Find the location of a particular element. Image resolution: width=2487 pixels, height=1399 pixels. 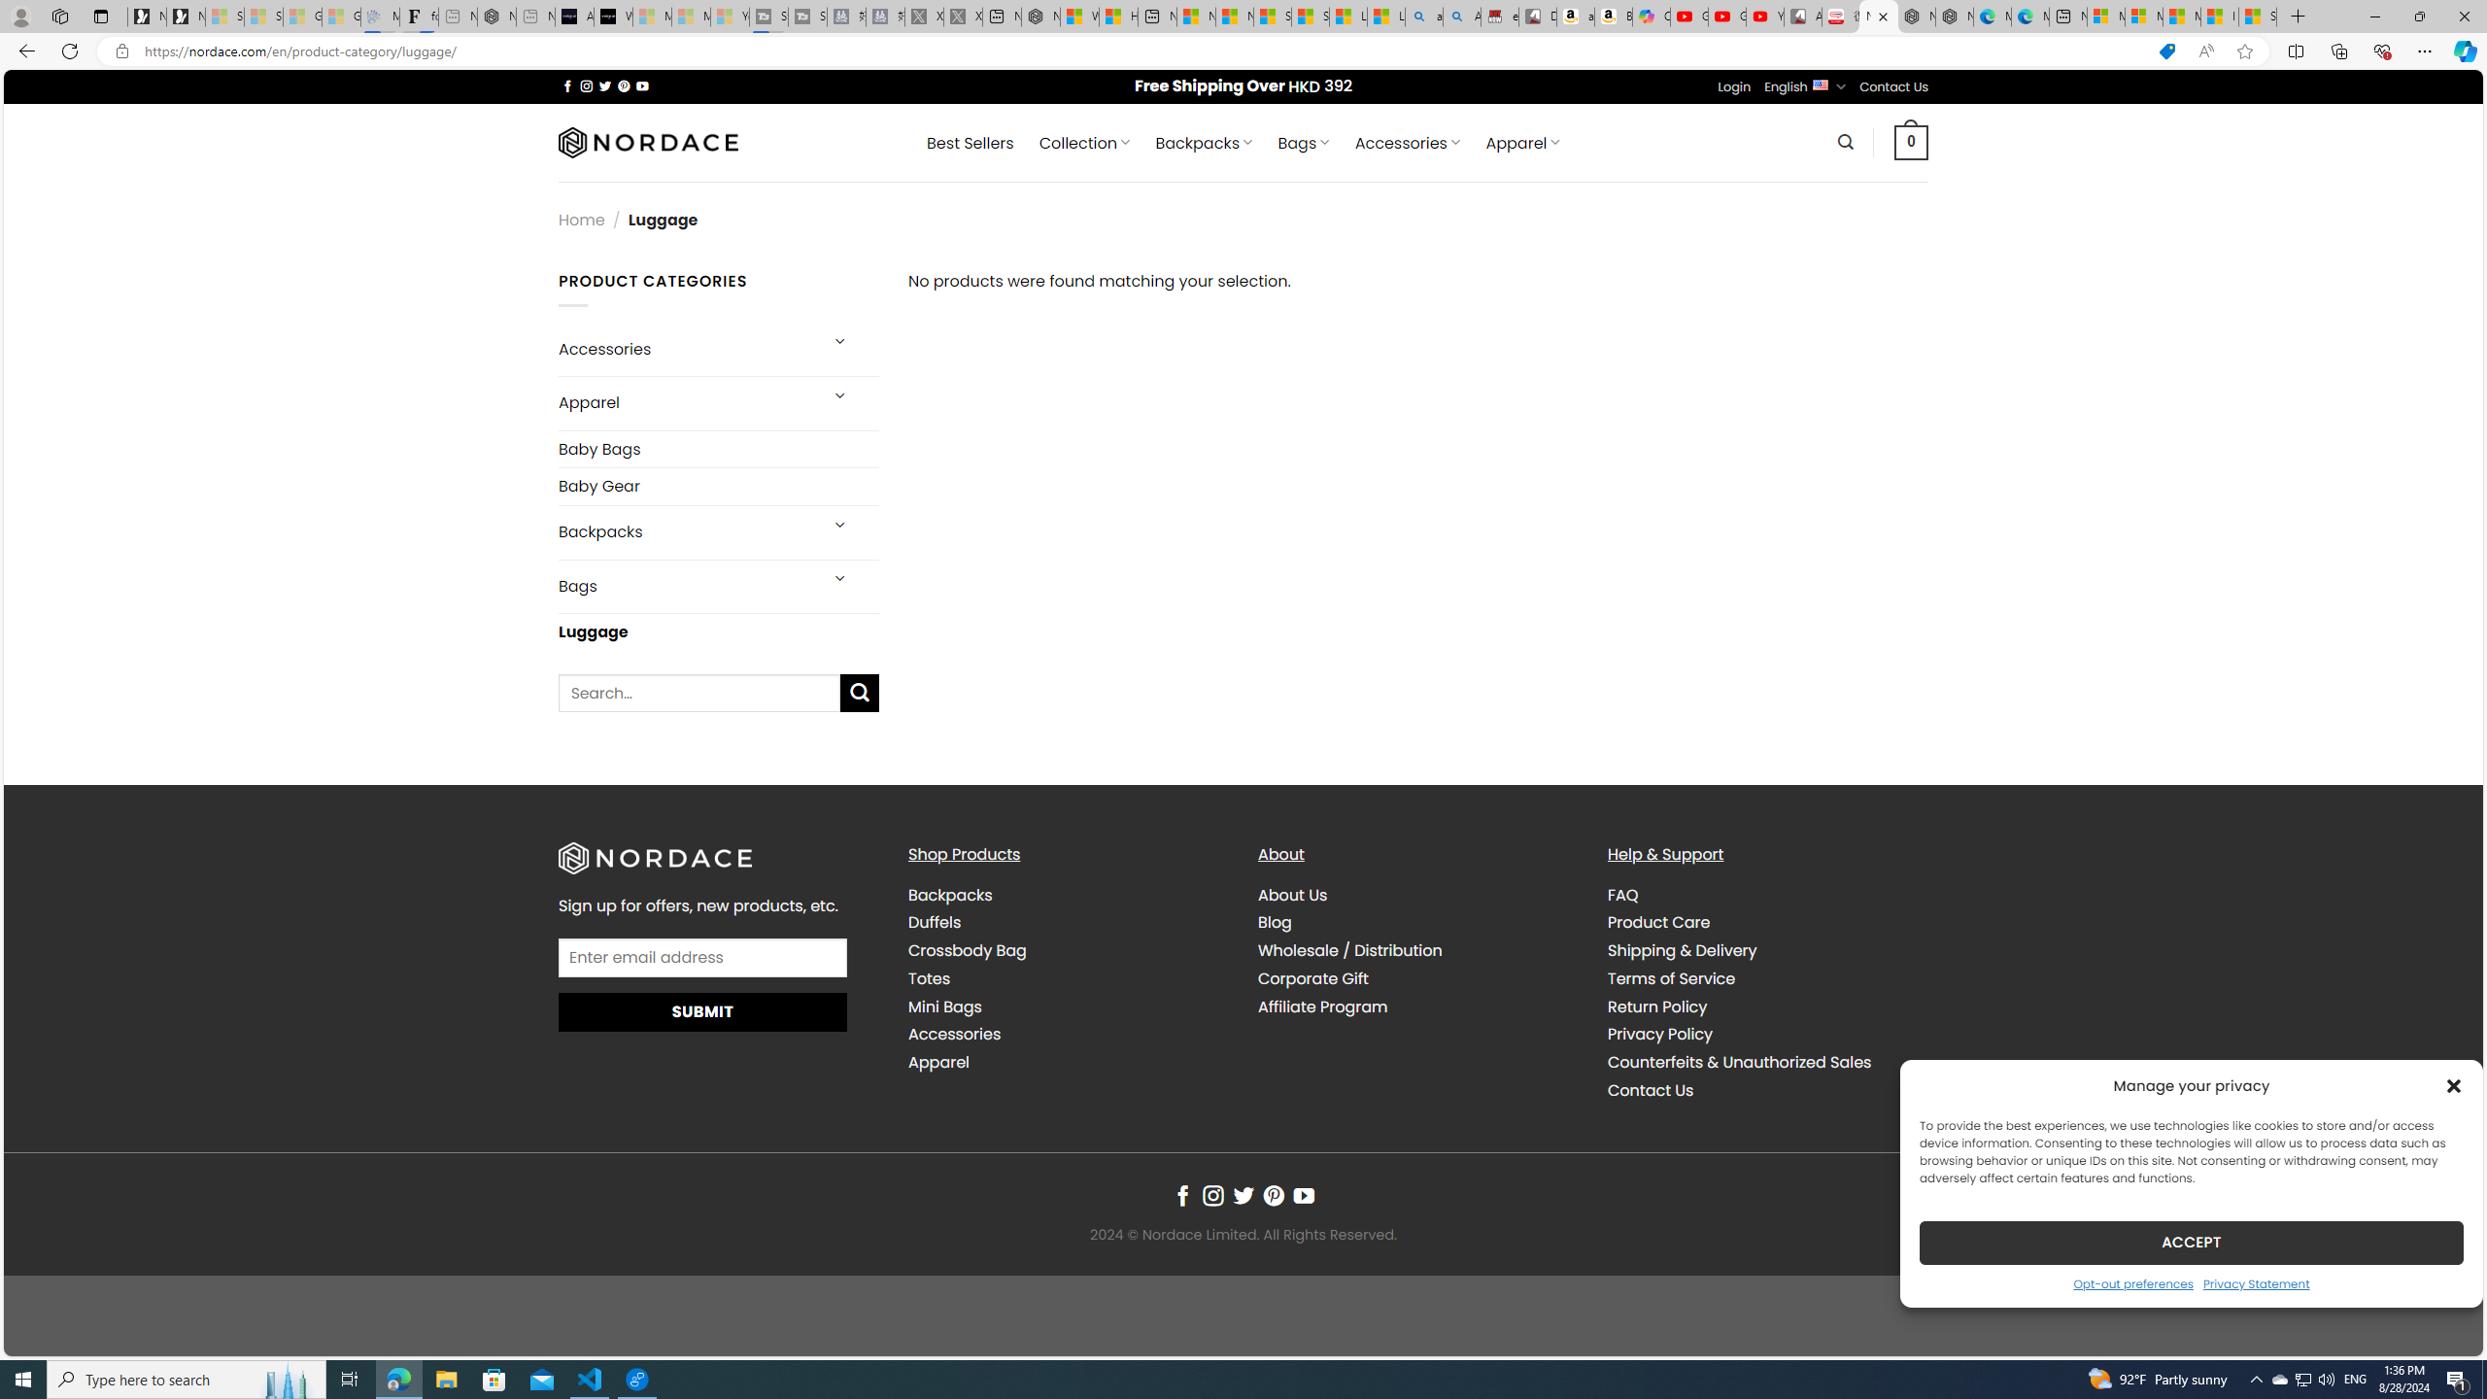

'Search for:' is located at coordinates (699, 692).